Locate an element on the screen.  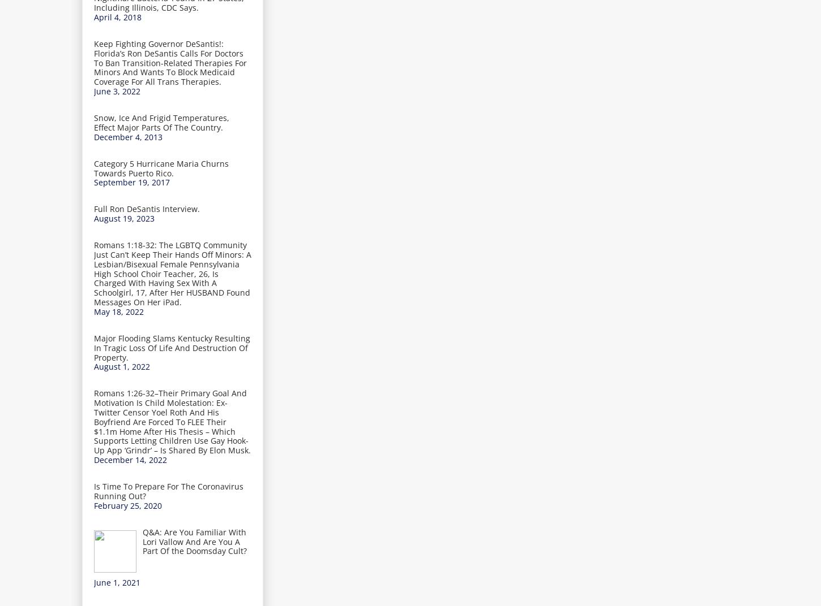
'August 19, 2023' is located at coordinates (123, 218).